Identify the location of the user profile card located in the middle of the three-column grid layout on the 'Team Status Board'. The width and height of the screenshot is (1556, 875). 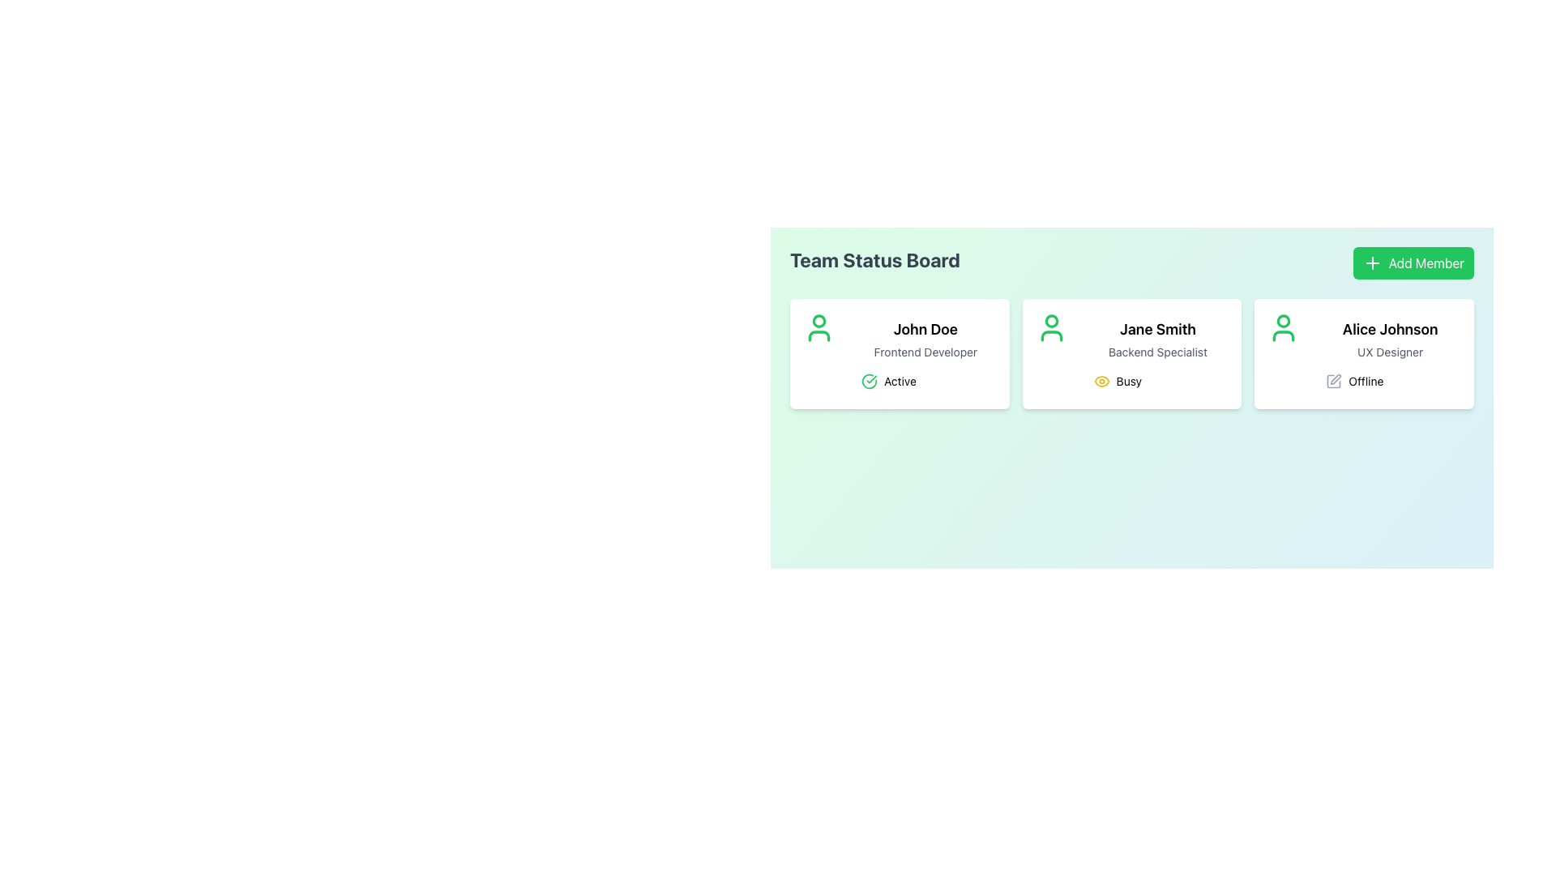
(1131, 352).